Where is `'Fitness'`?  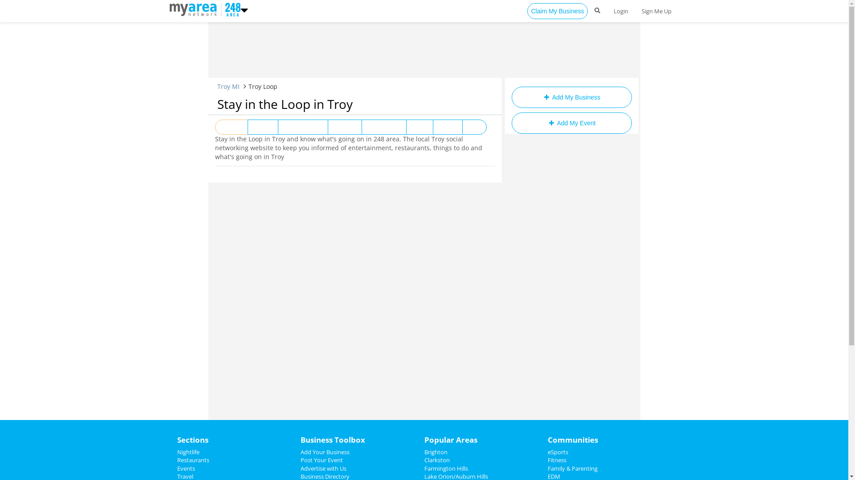 'Fitness' is located at coordinates (557, 460).